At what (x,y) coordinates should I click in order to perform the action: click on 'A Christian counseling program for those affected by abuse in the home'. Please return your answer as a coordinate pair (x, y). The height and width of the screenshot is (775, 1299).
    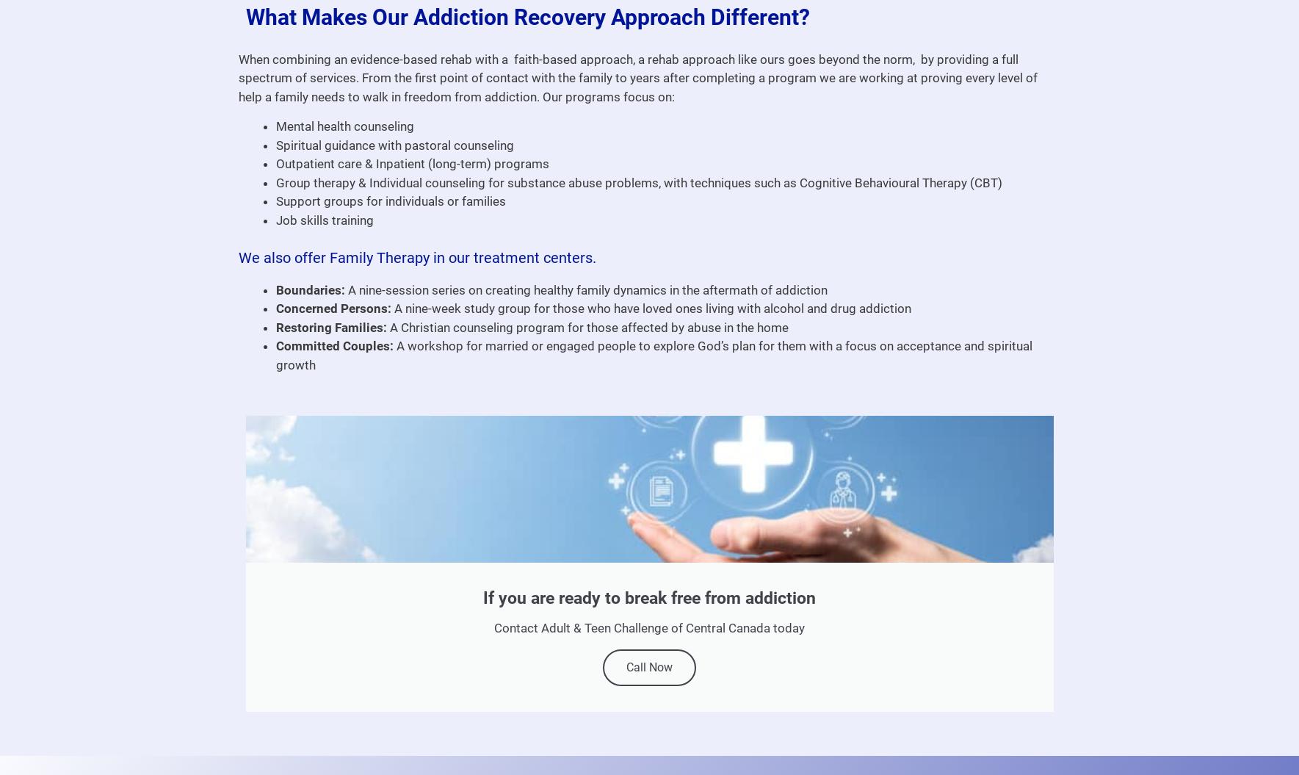
    Looking at the image, I should click on (586, 325).